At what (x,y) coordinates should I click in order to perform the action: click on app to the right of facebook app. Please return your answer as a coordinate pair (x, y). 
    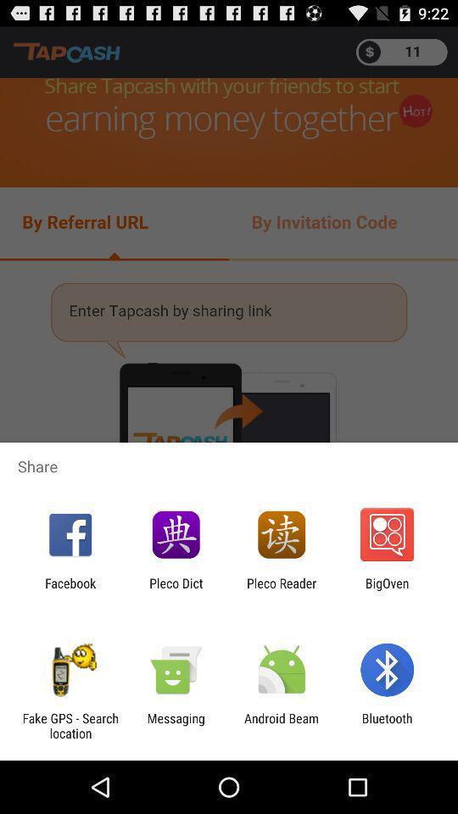
    Looking at the image, I should click on (175, 590).